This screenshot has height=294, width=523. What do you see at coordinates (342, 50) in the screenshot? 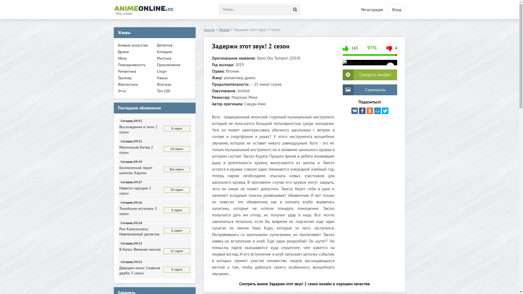
I see `'143'` at bounding box center [342, 50].